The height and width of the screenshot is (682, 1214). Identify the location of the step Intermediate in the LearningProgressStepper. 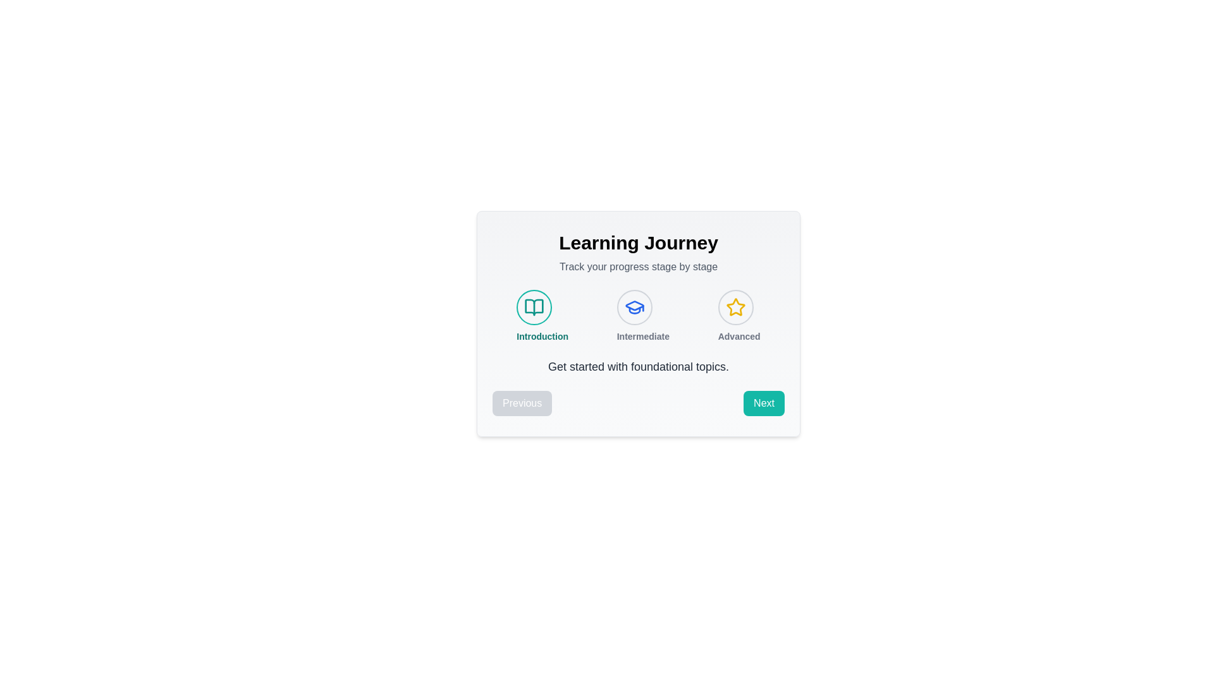
(634, 307).